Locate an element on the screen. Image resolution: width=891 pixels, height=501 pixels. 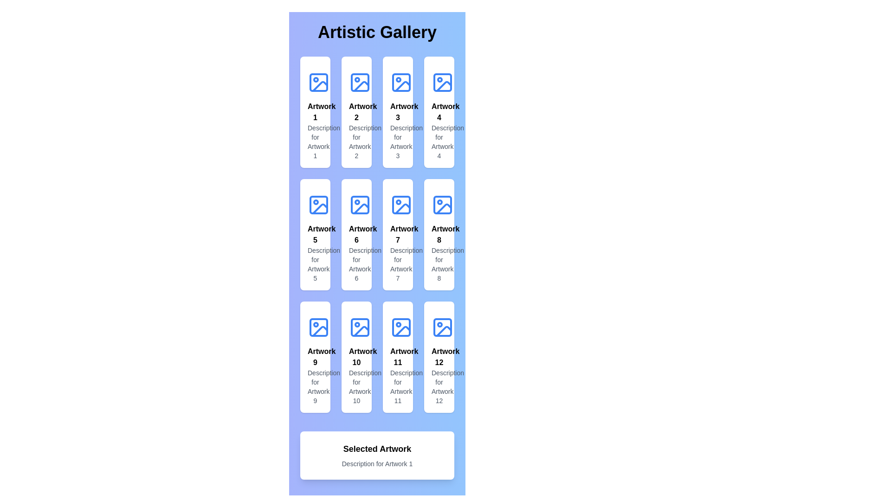
the fourth artwork card in the gallery is located at coordinates (439, 112).